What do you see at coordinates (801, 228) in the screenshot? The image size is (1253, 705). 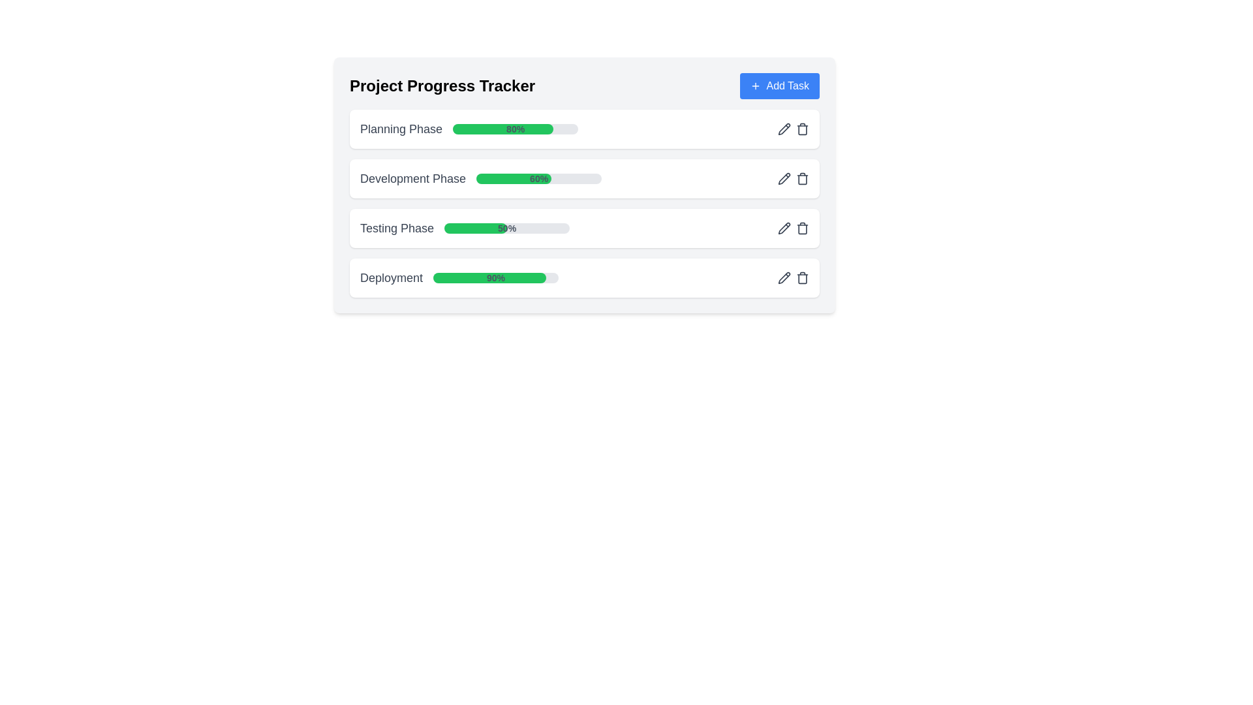 I see `the trash can icon button located at the end of the row labeled 'Testing Phase'` at bounding box center [801, 228].